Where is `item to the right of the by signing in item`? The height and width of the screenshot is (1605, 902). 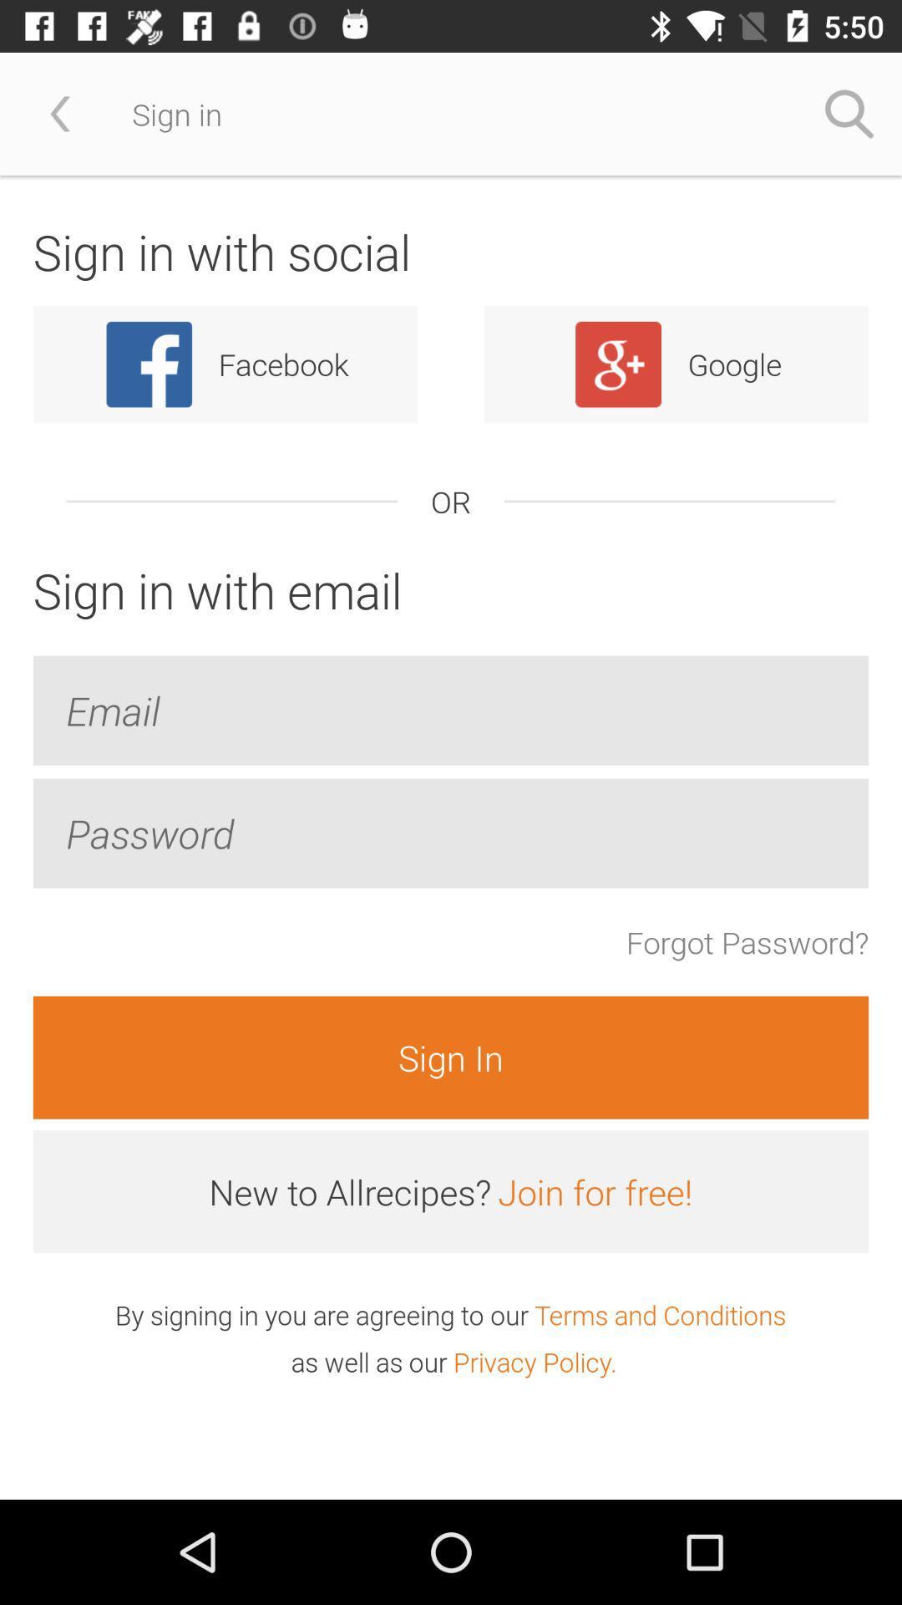 item to the right of the by signing in item is located at coordinates (659, 1314).